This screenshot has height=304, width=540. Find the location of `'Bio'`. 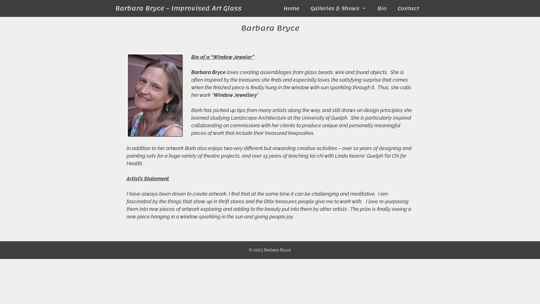

'Bio' is located at coordinates (372, 8).